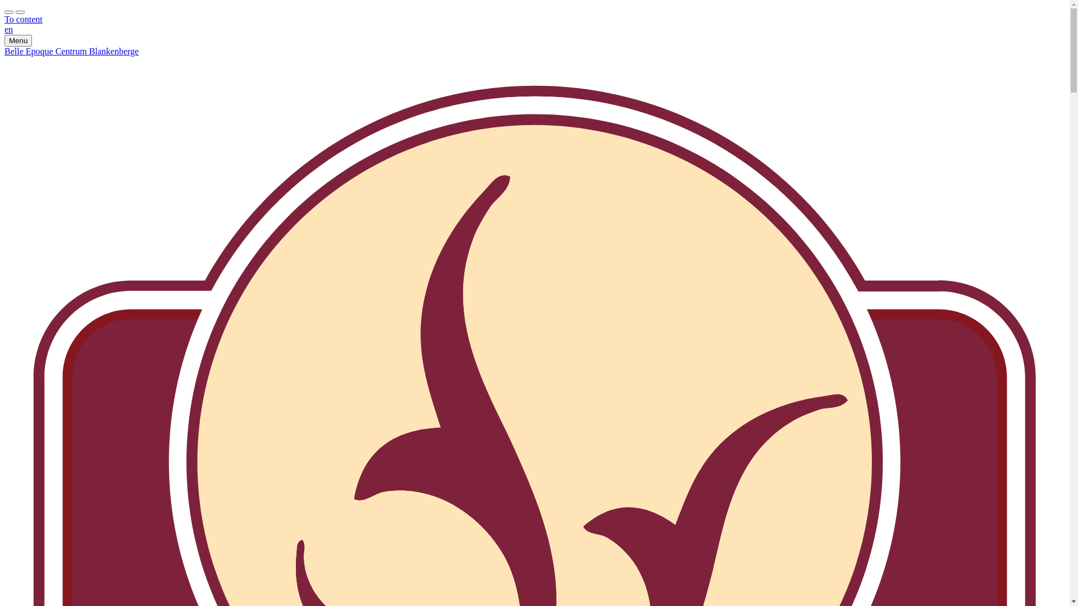 This screenshot has height=606, width=1078. I want to click on 'en', so click(8, 29).